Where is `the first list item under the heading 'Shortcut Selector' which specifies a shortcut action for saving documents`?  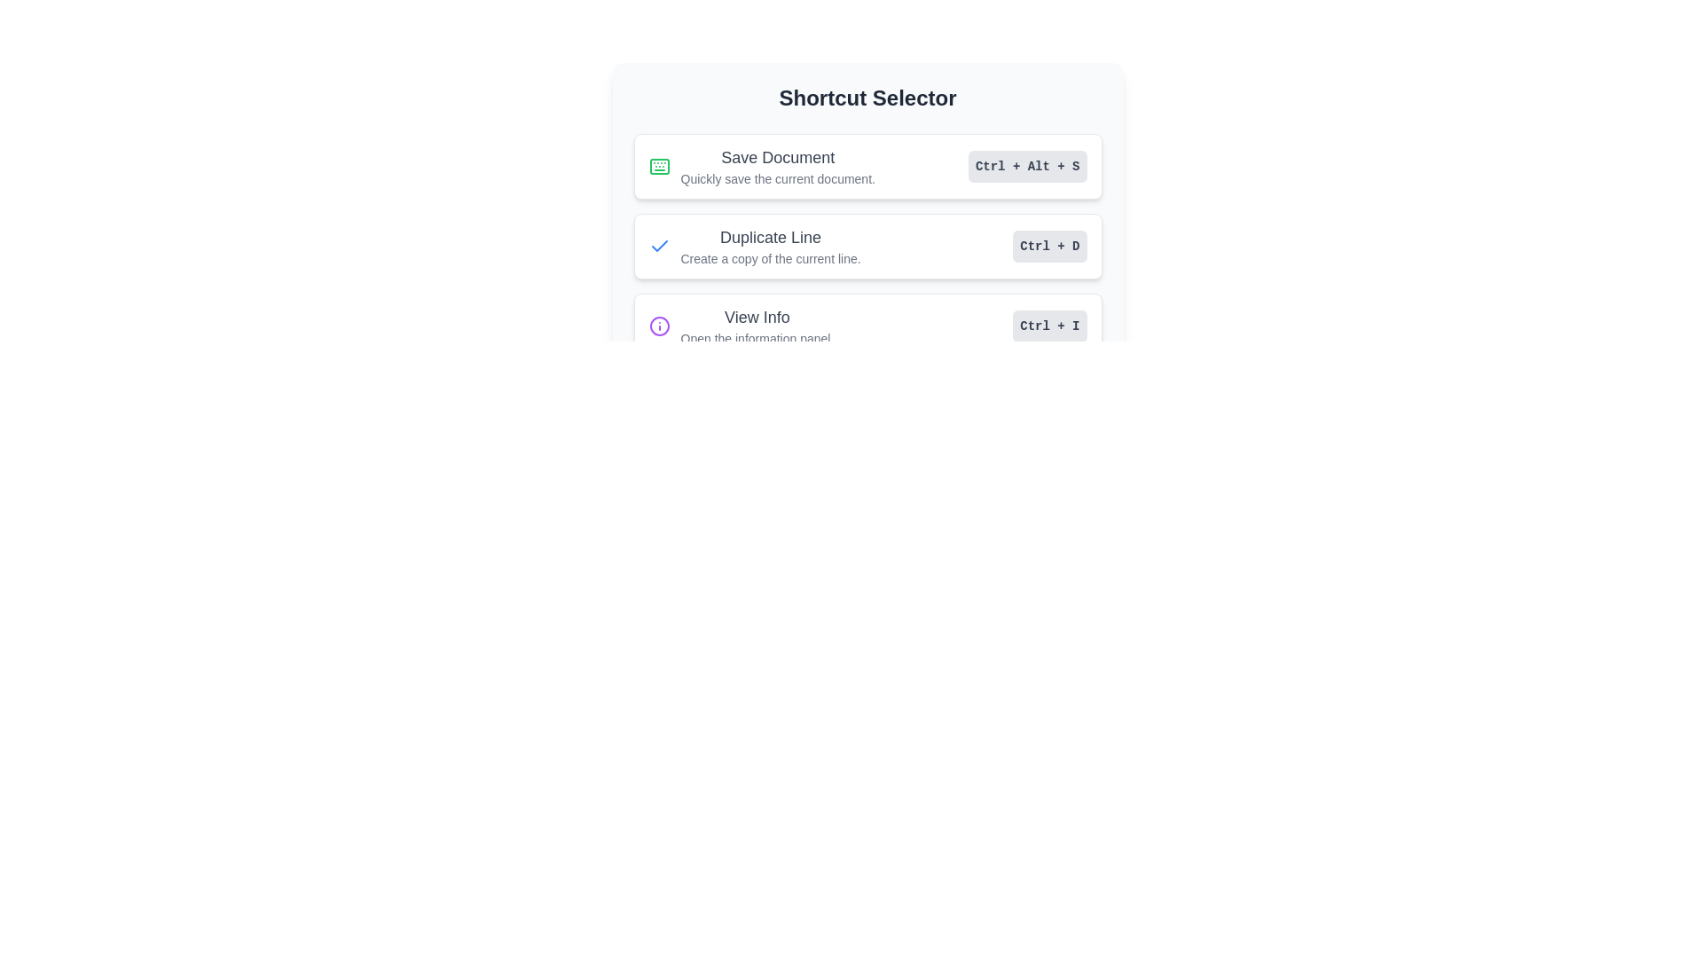 the first list item under the heading 'Shortcut Selector' which specifies a shortcut action for saving documents is located at coordinates (867, 167).